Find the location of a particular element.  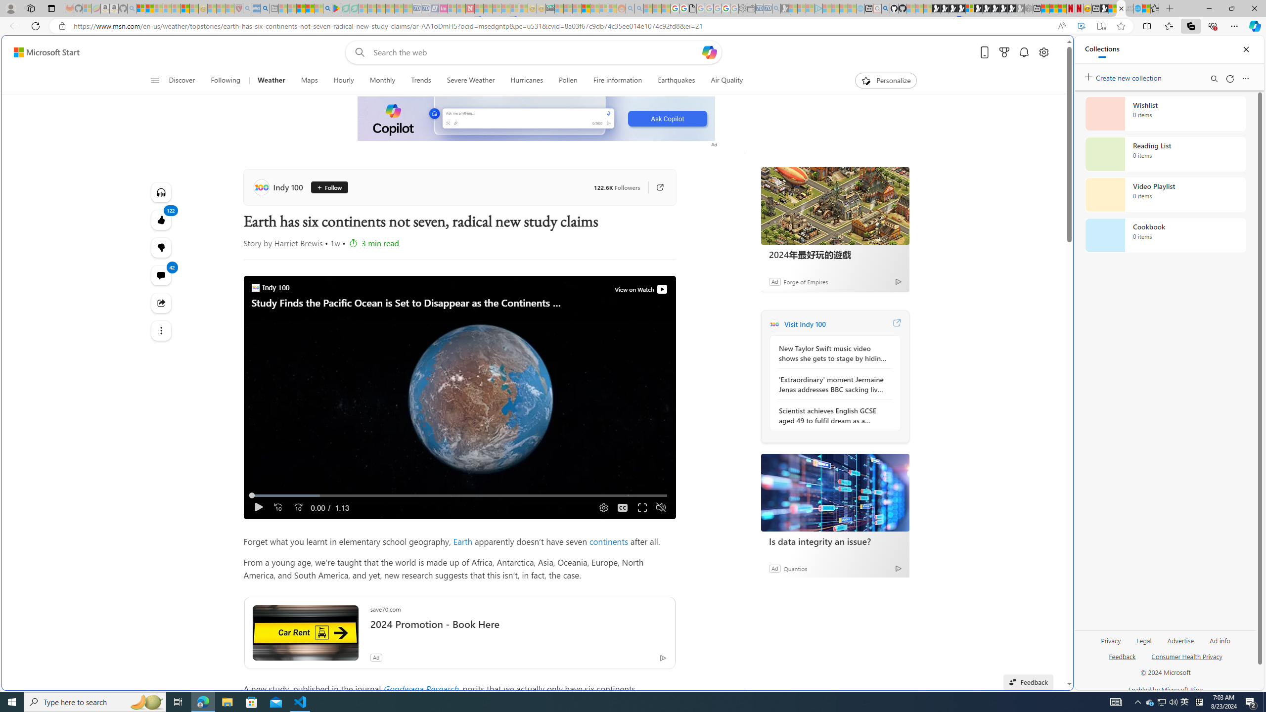

'Pollen' is located at coordinates (567, 80).